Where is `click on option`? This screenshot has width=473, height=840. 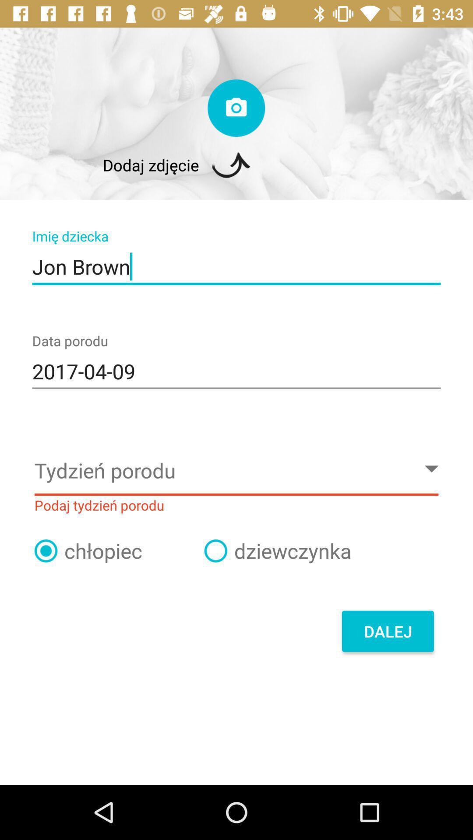 click on option is located at coordinates (215, 550).